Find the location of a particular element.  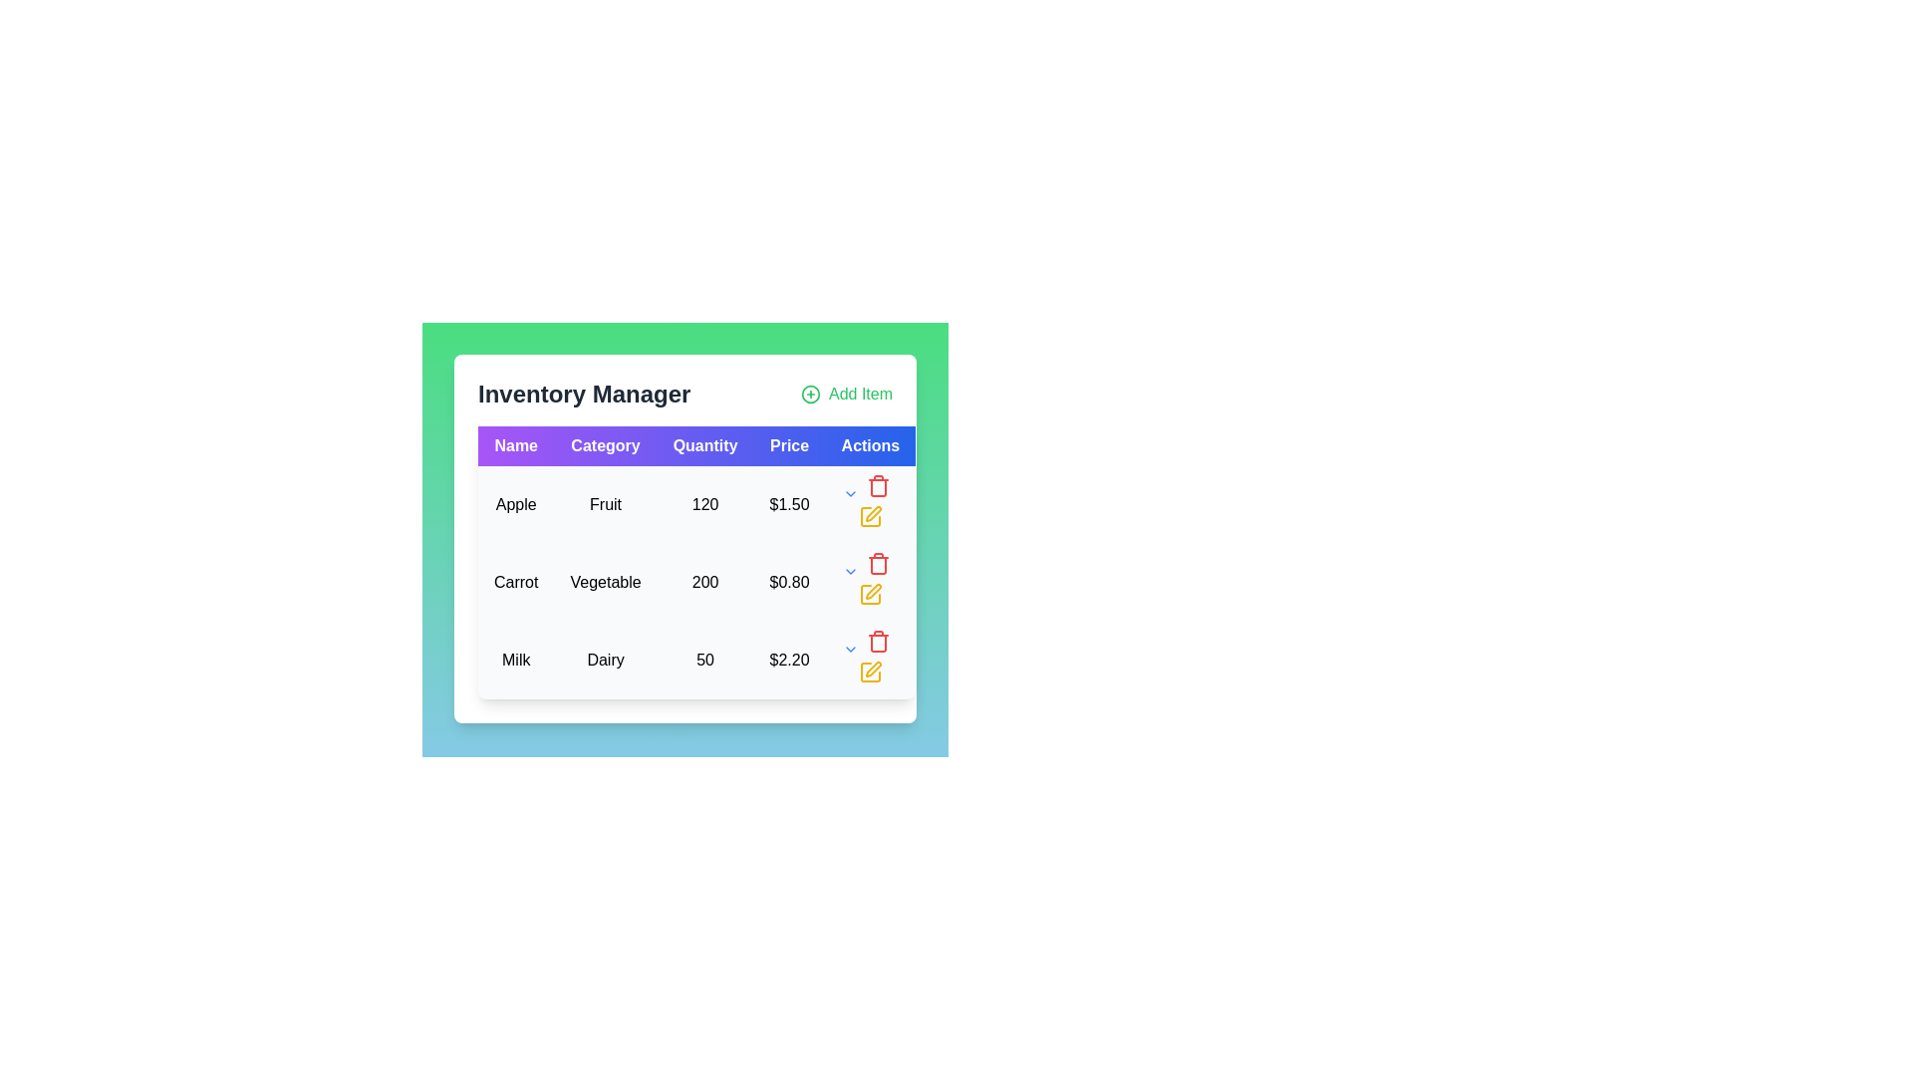

the edit icon button with a yellow pen symbol, located in the 'Actions' column of the last row for the 'Milk' item is located at coordinates (870, 672).